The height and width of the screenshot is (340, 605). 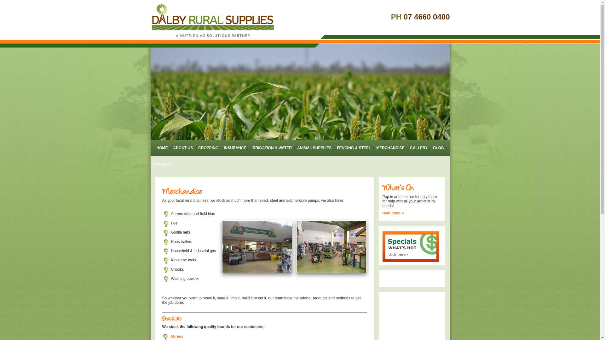 I want to click on 'ANIMAL SUPPLIES', so click(x=314, y=148).